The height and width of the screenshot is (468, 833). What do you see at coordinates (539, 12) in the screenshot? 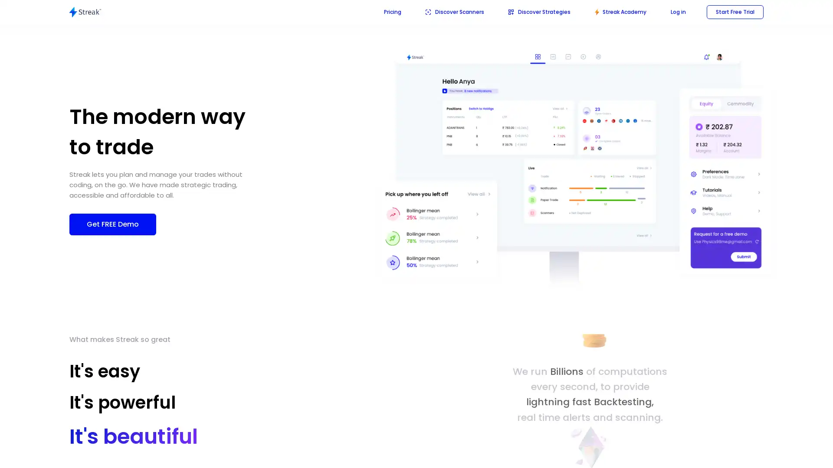
I see `Discover Strategies` at bounding box center [539, 12].